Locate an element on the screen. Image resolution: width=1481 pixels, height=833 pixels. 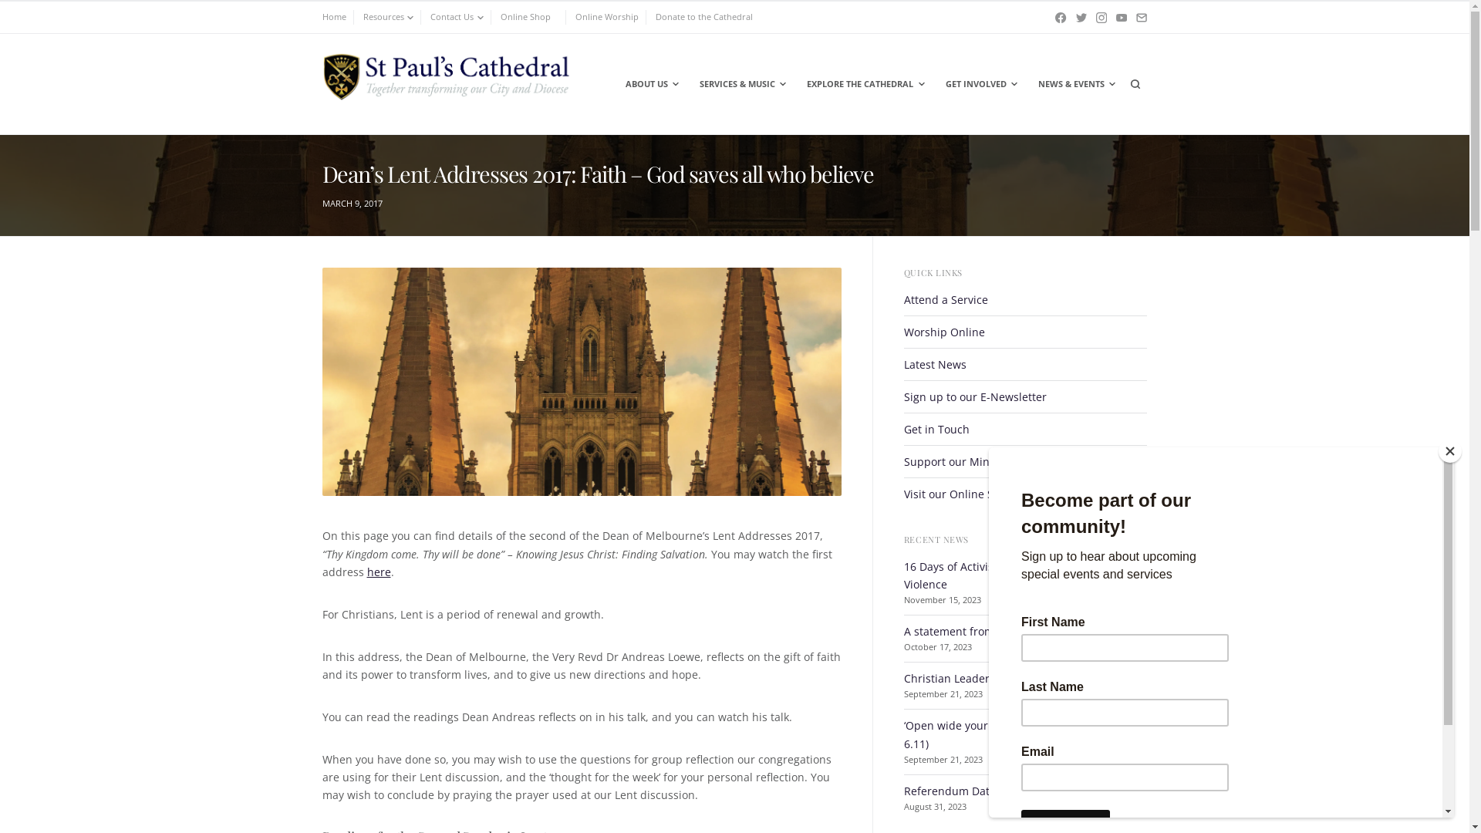
'ABOUT US' is located at coordinates (651, 83).